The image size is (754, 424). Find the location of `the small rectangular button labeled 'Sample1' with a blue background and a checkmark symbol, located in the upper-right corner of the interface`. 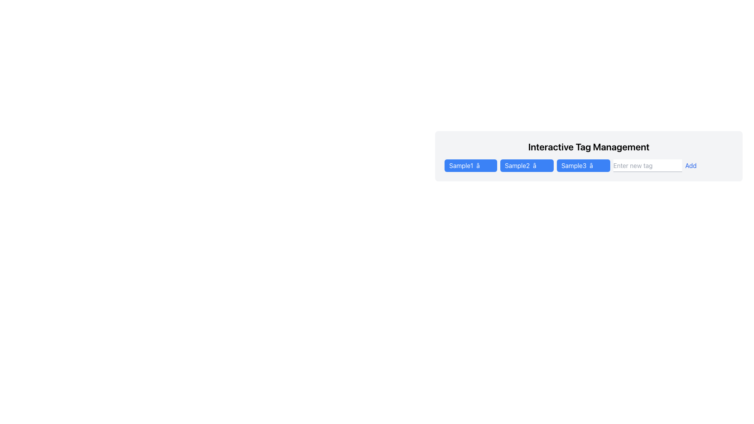

the small rectangular button labeled 'Sample1' with a blue background and a checkmark symbol, located in the upper-right corner of the interface is located at coordinates (470, 165).